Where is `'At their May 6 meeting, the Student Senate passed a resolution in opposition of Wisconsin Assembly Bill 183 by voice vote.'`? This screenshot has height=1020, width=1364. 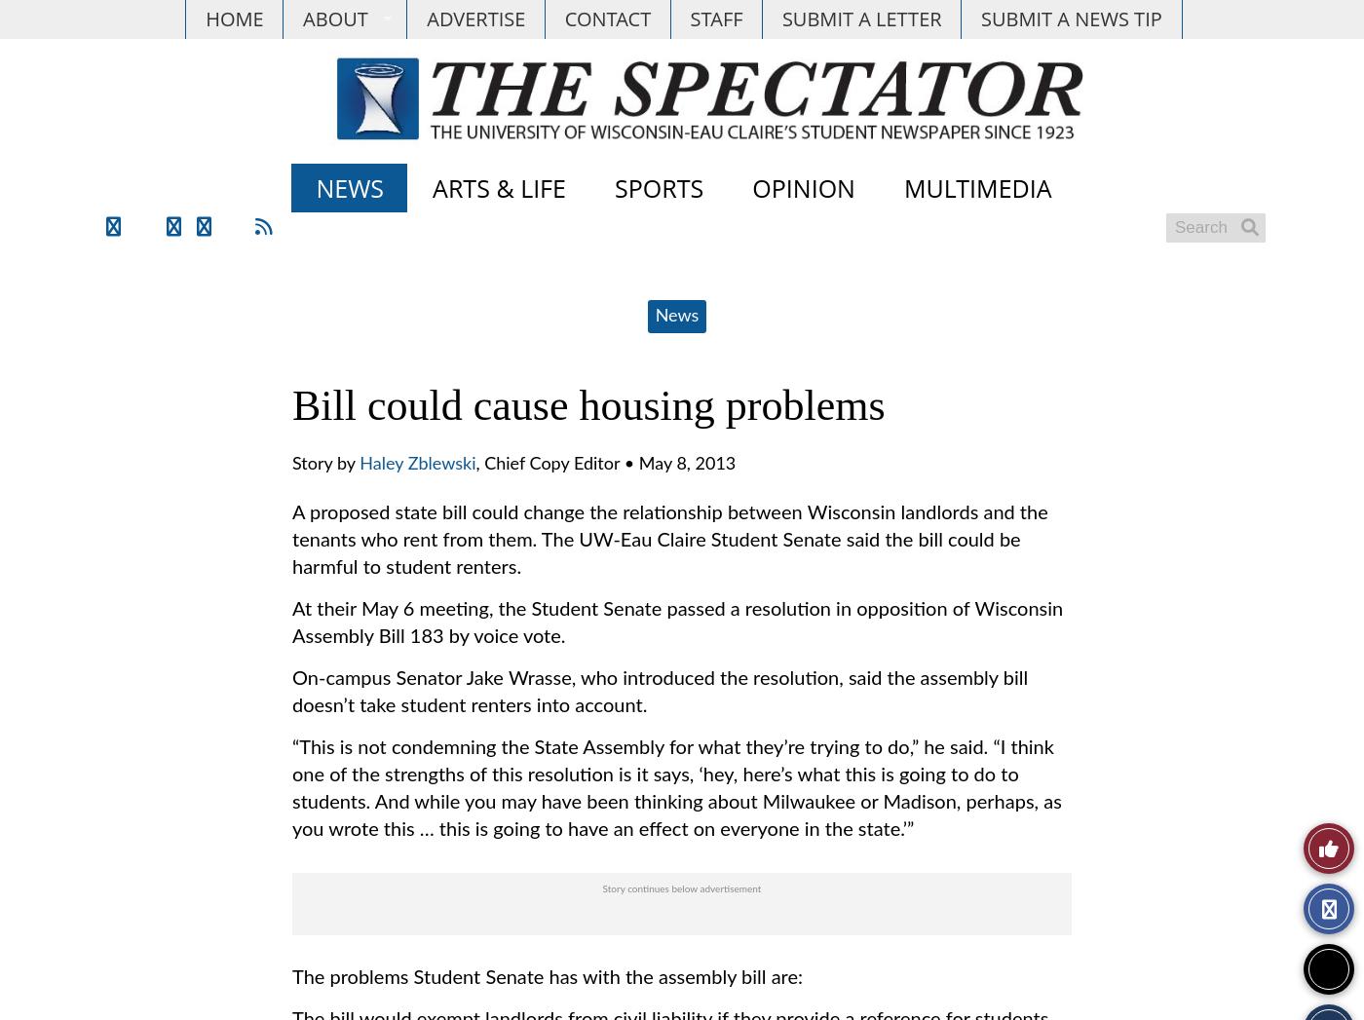
'At their May 6 meeting, the Student Senate passed a resolution in opposition of Wisconsin Assembly Bill 183 by voice vote.' is located at coordinates (677, 623).